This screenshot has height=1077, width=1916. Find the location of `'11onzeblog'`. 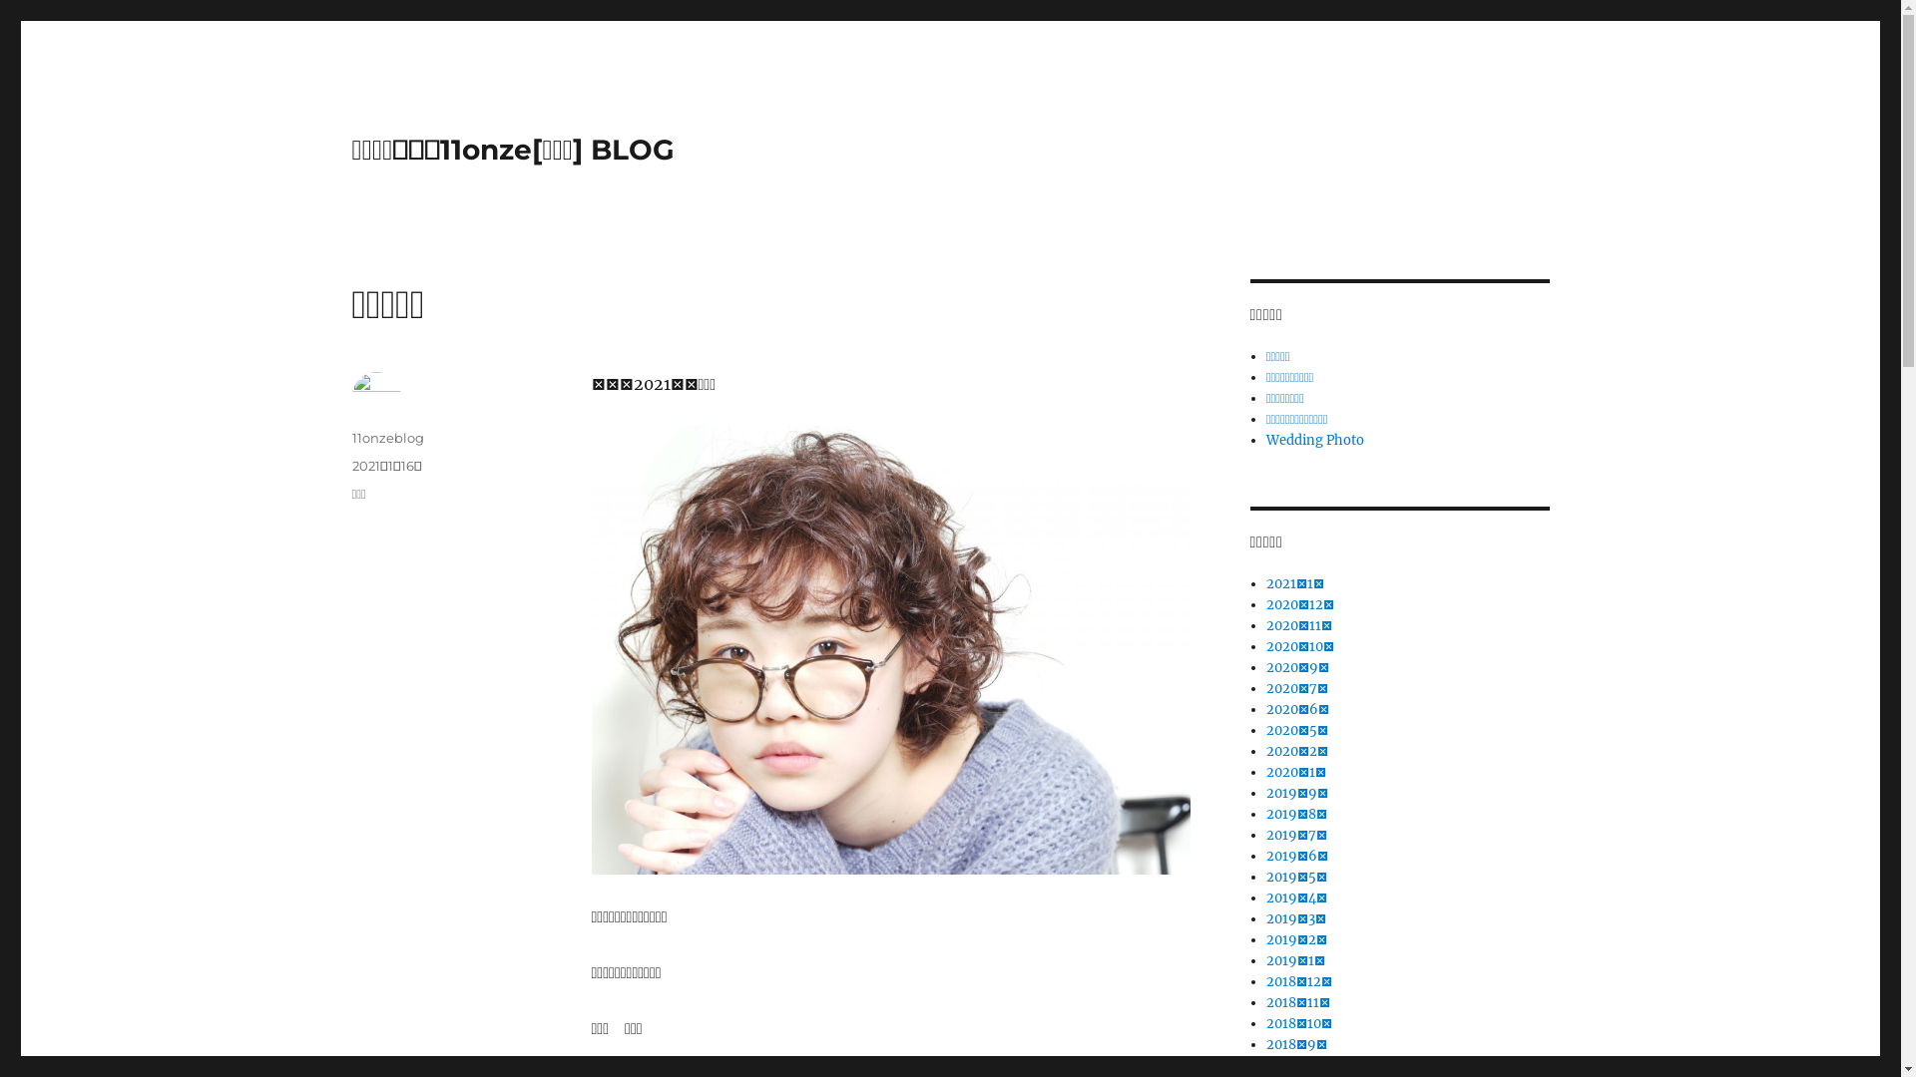

'11onzeblog' is located at coordinates (350, 437).